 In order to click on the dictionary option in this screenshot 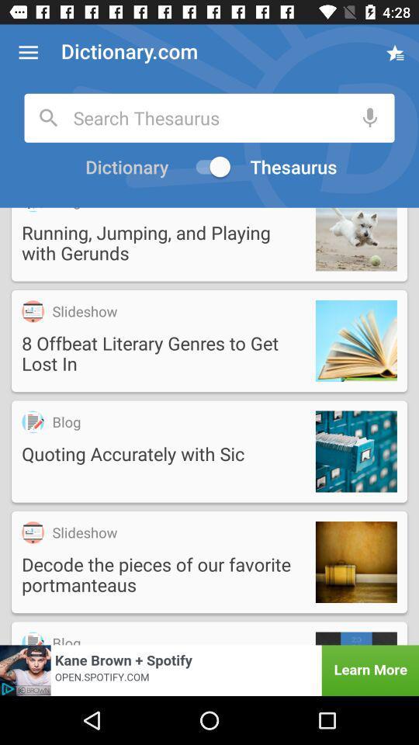, I will do `click(123, 167)`.